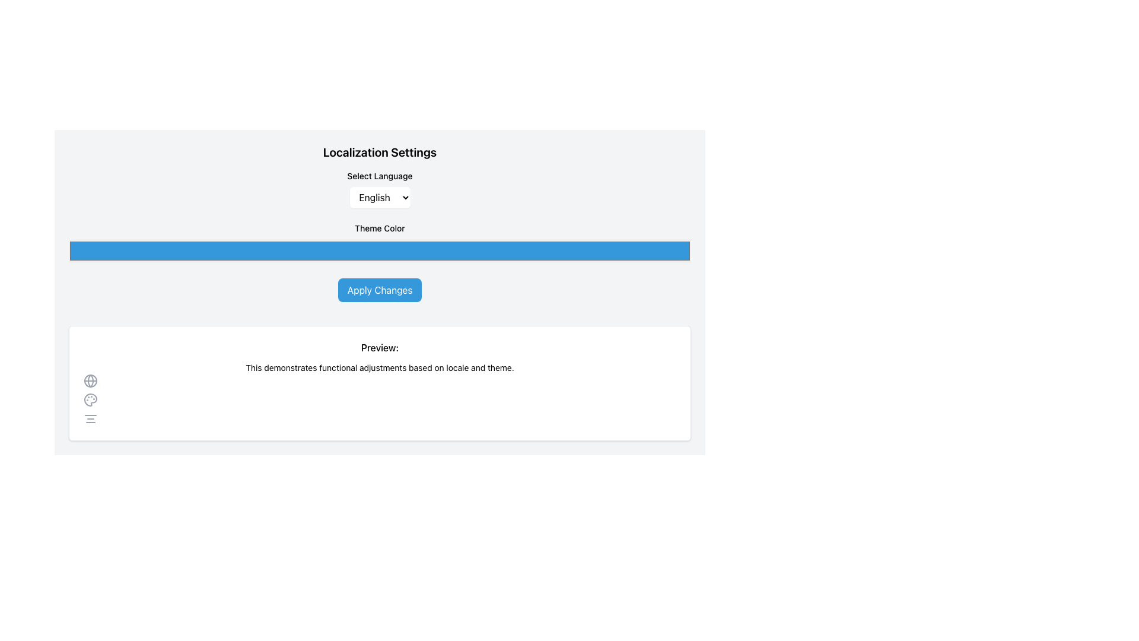 The width and height of the screenshot is (1139, 641). I want to click on the confirm button that applies changes in the settings, which is centered horizontally below a blue bar and above the 'Preview' section, so click(380, 290).